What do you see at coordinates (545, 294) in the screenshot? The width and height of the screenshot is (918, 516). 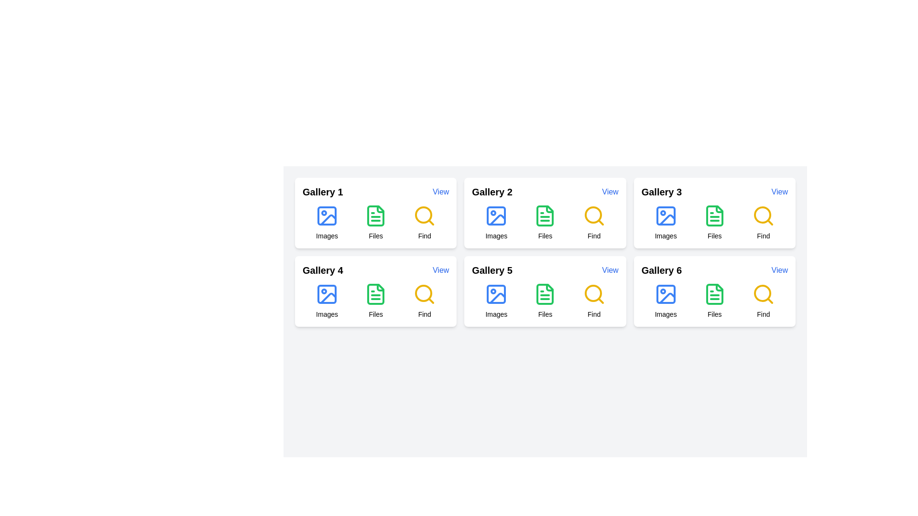 I see `the 'Files' icon, which is a vibrant green document icon with a folded corner, located in the 'Gallery 5' section of the grid layout` at bounding box center [545, 294].